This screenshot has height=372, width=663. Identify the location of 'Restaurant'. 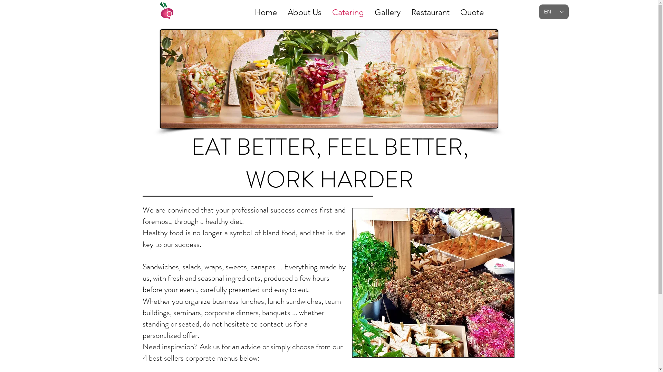
(430, 10).